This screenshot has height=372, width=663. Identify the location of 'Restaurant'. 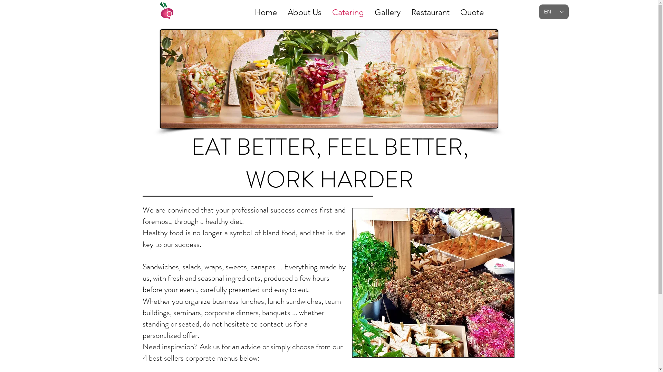
(430, 10).